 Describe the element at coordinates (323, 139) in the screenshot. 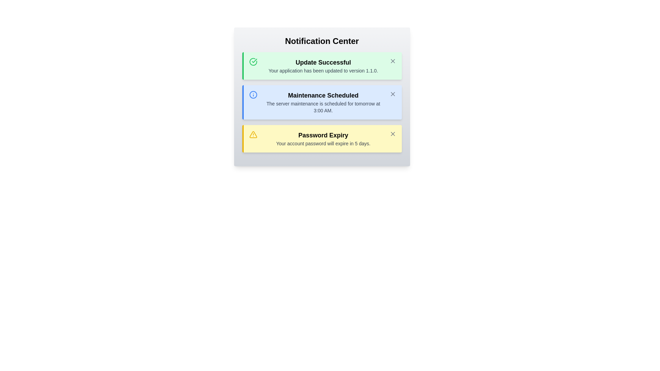

I see `the background styling of the notification panel containing the 'Password Expiry' text block, which features a yellow background with a left yellow border and rounded corners` at that location.